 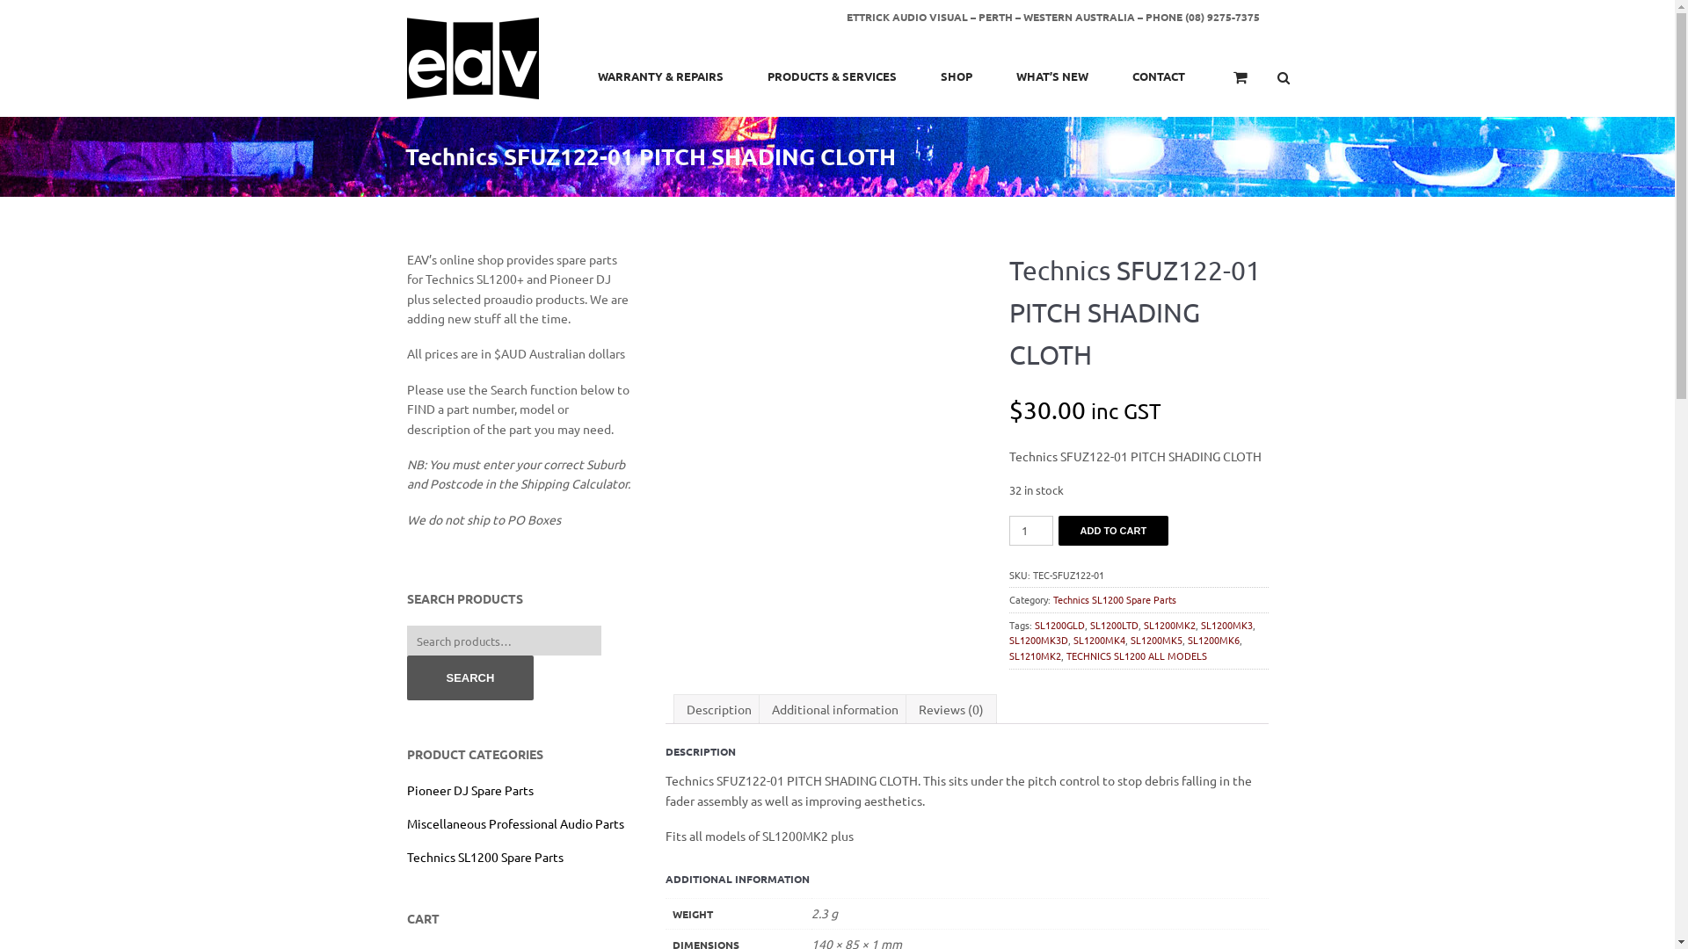 I want to click on 'TECHNICS SL1200 ALL MODELS', so click(x=1136, y=655).